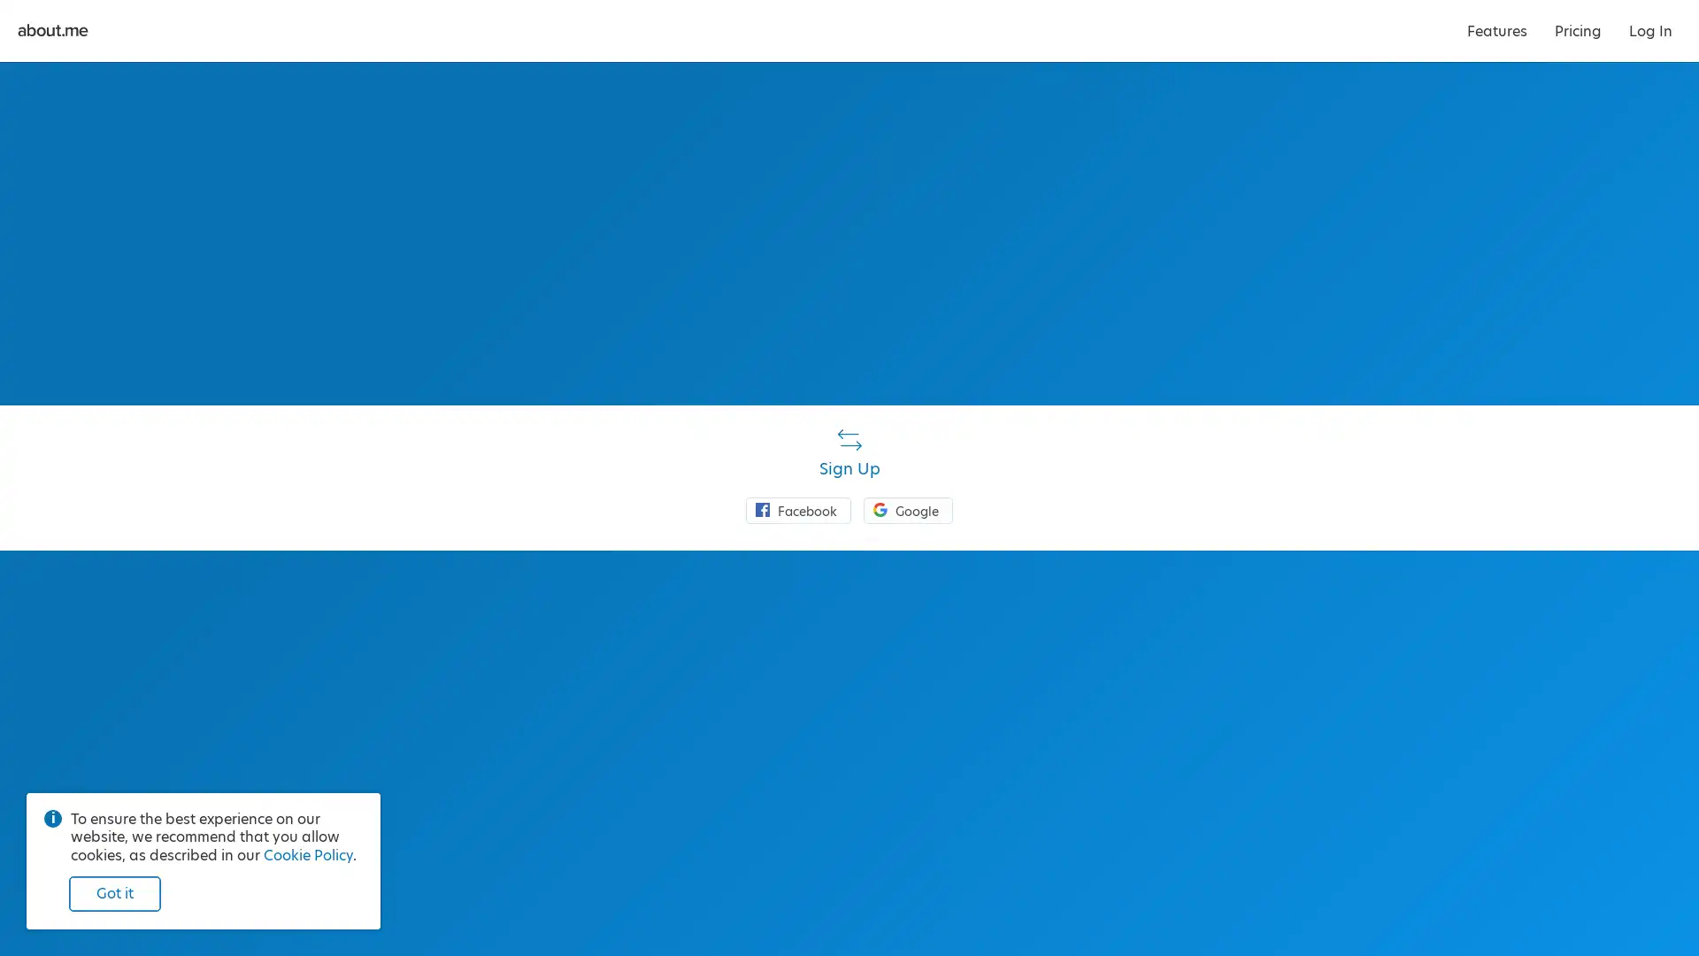 This screenshot has height=956, width=1699. I want to click on Got it, so click(113, 894).